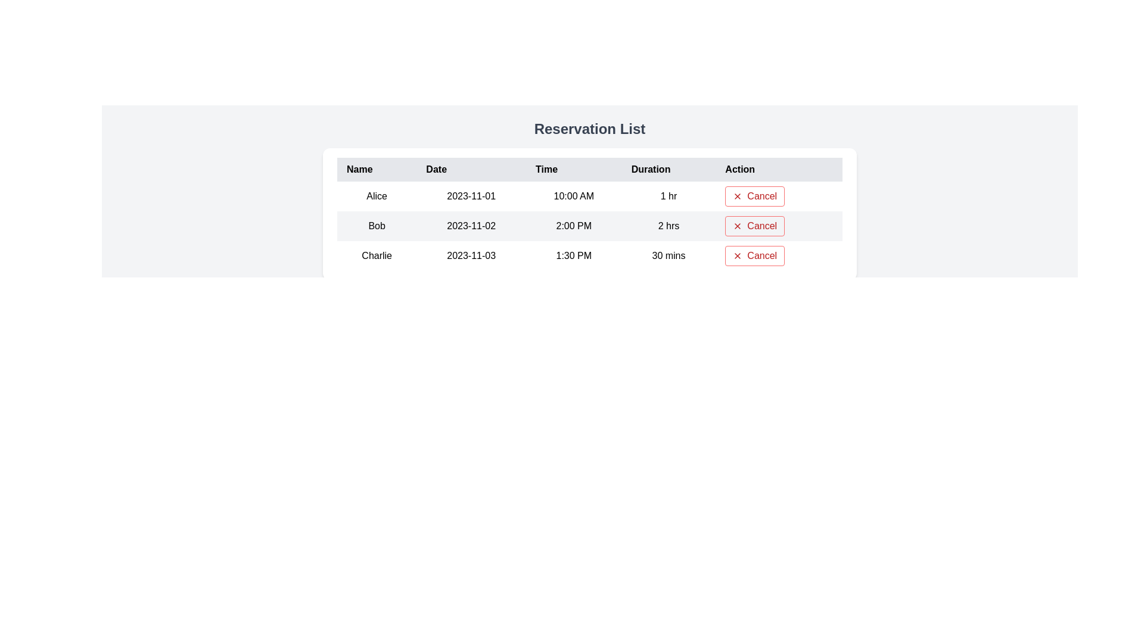 This screenshot has height=643, width=1144. Describe the element at coordinates (376, 226) in the screenshot. I see `the Text label in the second row of the table under the column labeled 'Name', which represents the user's name associated with a reservation` at that location.